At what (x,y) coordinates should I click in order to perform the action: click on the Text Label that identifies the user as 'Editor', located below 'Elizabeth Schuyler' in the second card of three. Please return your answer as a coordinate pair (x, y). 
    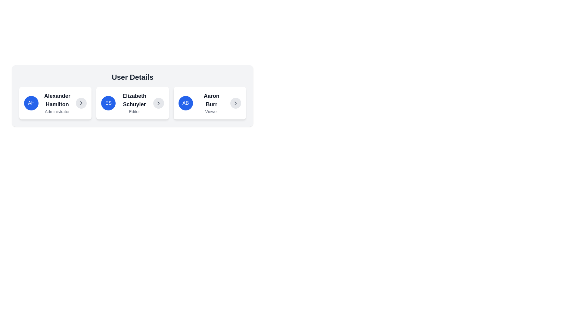
    Looking at the image, I should click on (134, 111).